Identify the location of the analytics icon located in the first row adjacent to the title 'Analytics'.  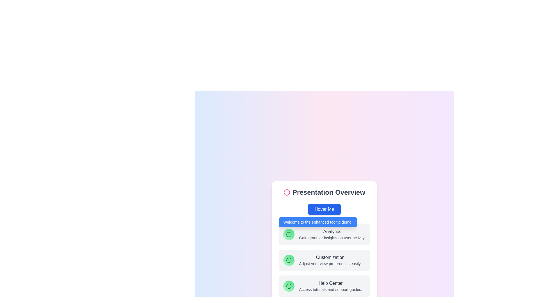
(289, 235).